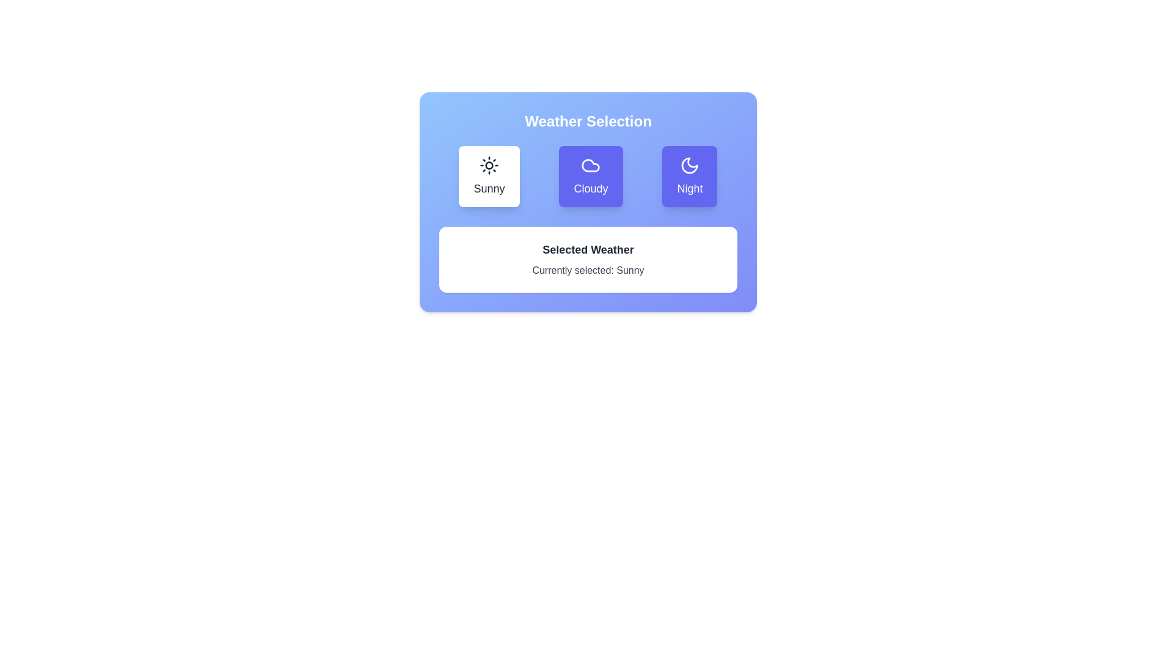 This screenshot has width=1173, height=660. Describe the element at coordinates (588, 202) in the screenshot. I see `the interactive weather option buttons within the prominently positioned weather selection card that features a gradient background from blue to indigo` at that location.